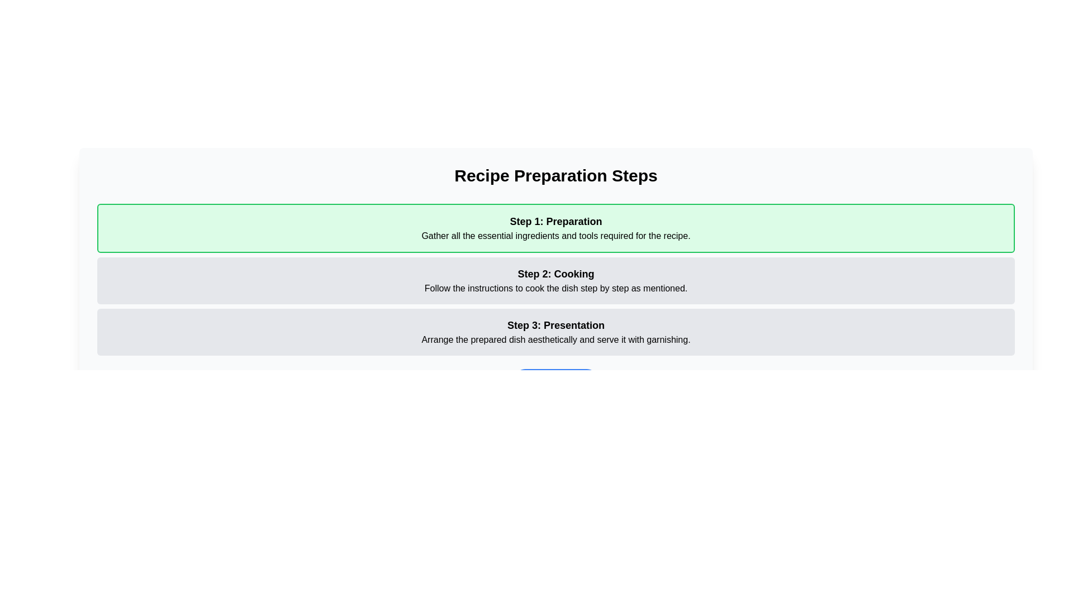 This screenshot has width=1073, height=603. What do you see at coordinates (556, 227) in the screenshot?
I see `information displayed in the Instruction box, which has a light green background and contains the text 'Step 1: Preparation' followed by details about gathering ingredients and tools` at bounding box center [556, 227].